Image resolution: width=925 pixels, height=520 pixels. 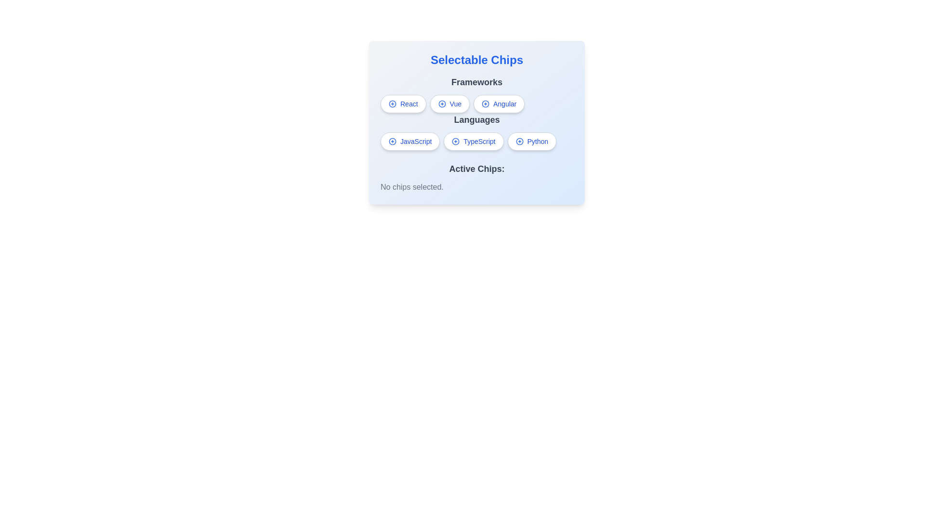 What do you see at coordinates (449, 104) in the screenshot?
I see `the 'Vue' chip button, which is styled as a rounded button with a plus icon, located under the 'Frameworks' heading in the 'Selectable Chips' section` at bounding box center [449, 104].